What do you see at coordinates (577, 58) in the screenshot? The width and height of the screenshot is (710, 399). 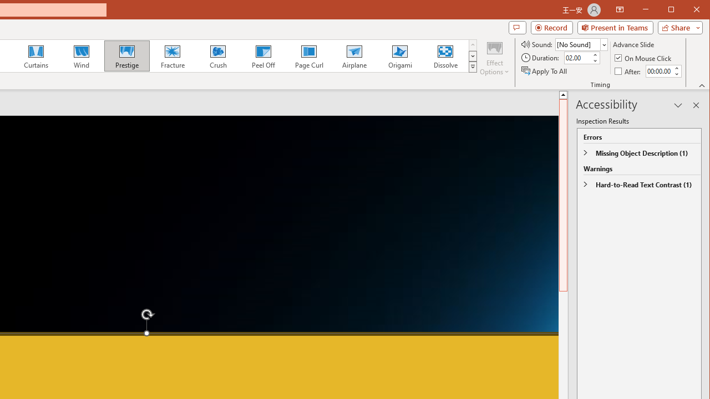 I see `'Duration'` at bounding box center [577, 58].